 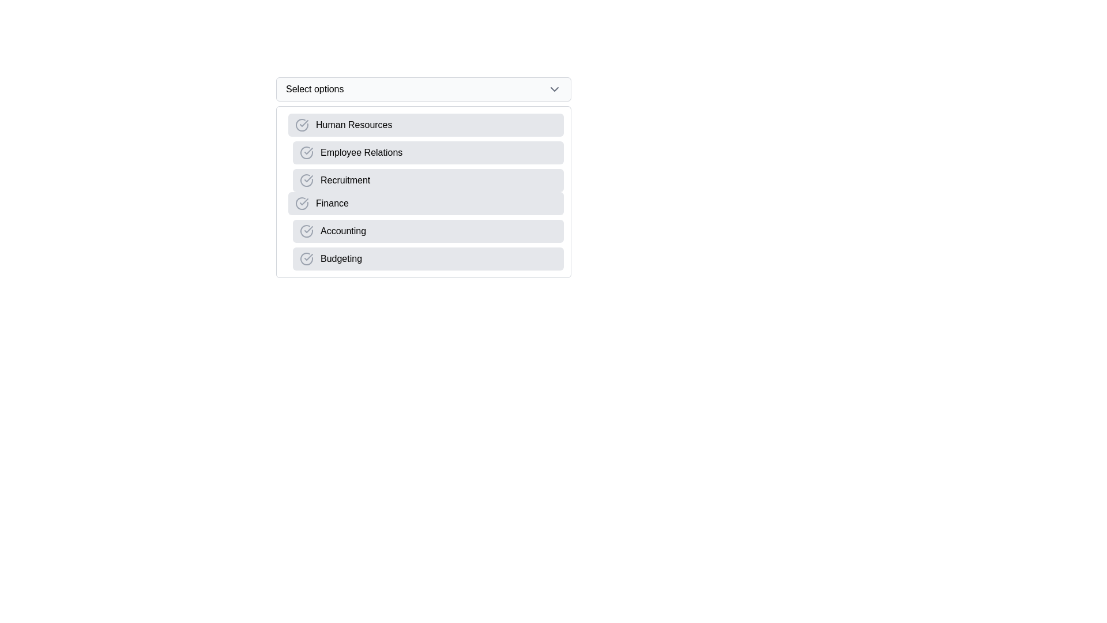 I want to click on the state of the fifth circular checkmark icon in the list item labeled 'Accounting', which is styled with a gray color and located to the left of the text, so click(x=307, y=231).